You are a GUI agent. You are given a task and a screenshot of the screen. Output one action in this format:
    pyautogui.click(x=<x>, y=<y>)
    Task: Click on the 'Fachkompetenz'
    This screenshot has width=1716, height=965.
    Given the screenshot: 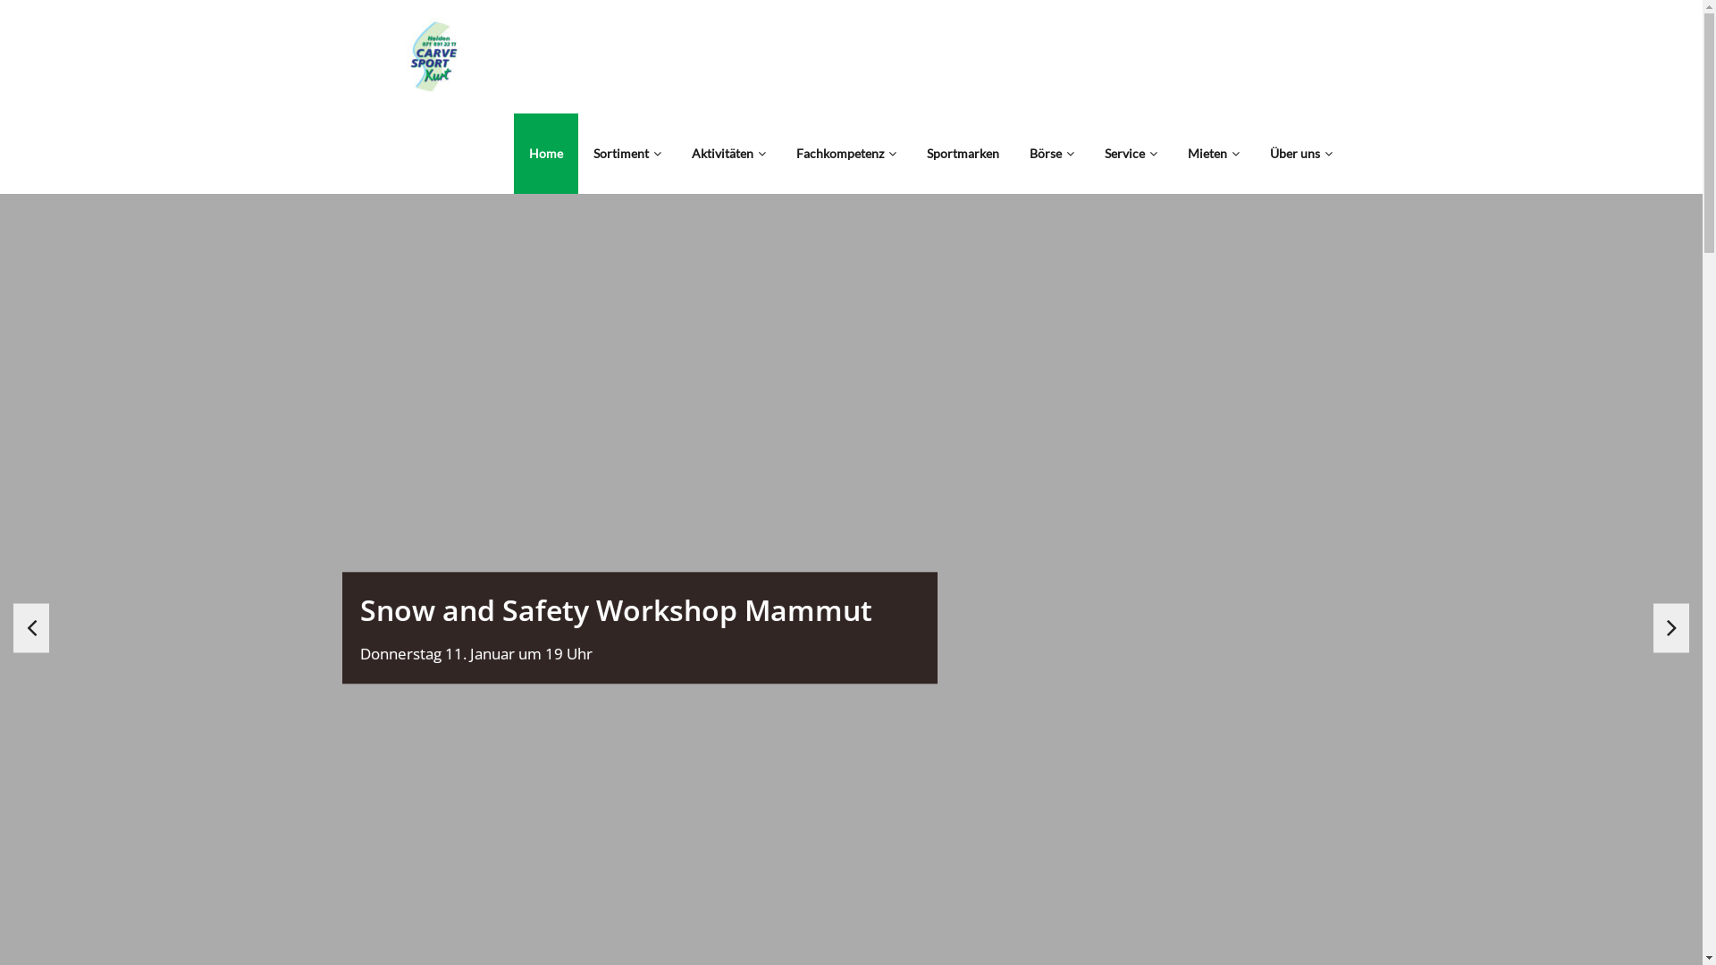 What is the action you would take?
    pyautogui.click(x=845, y=153)
    